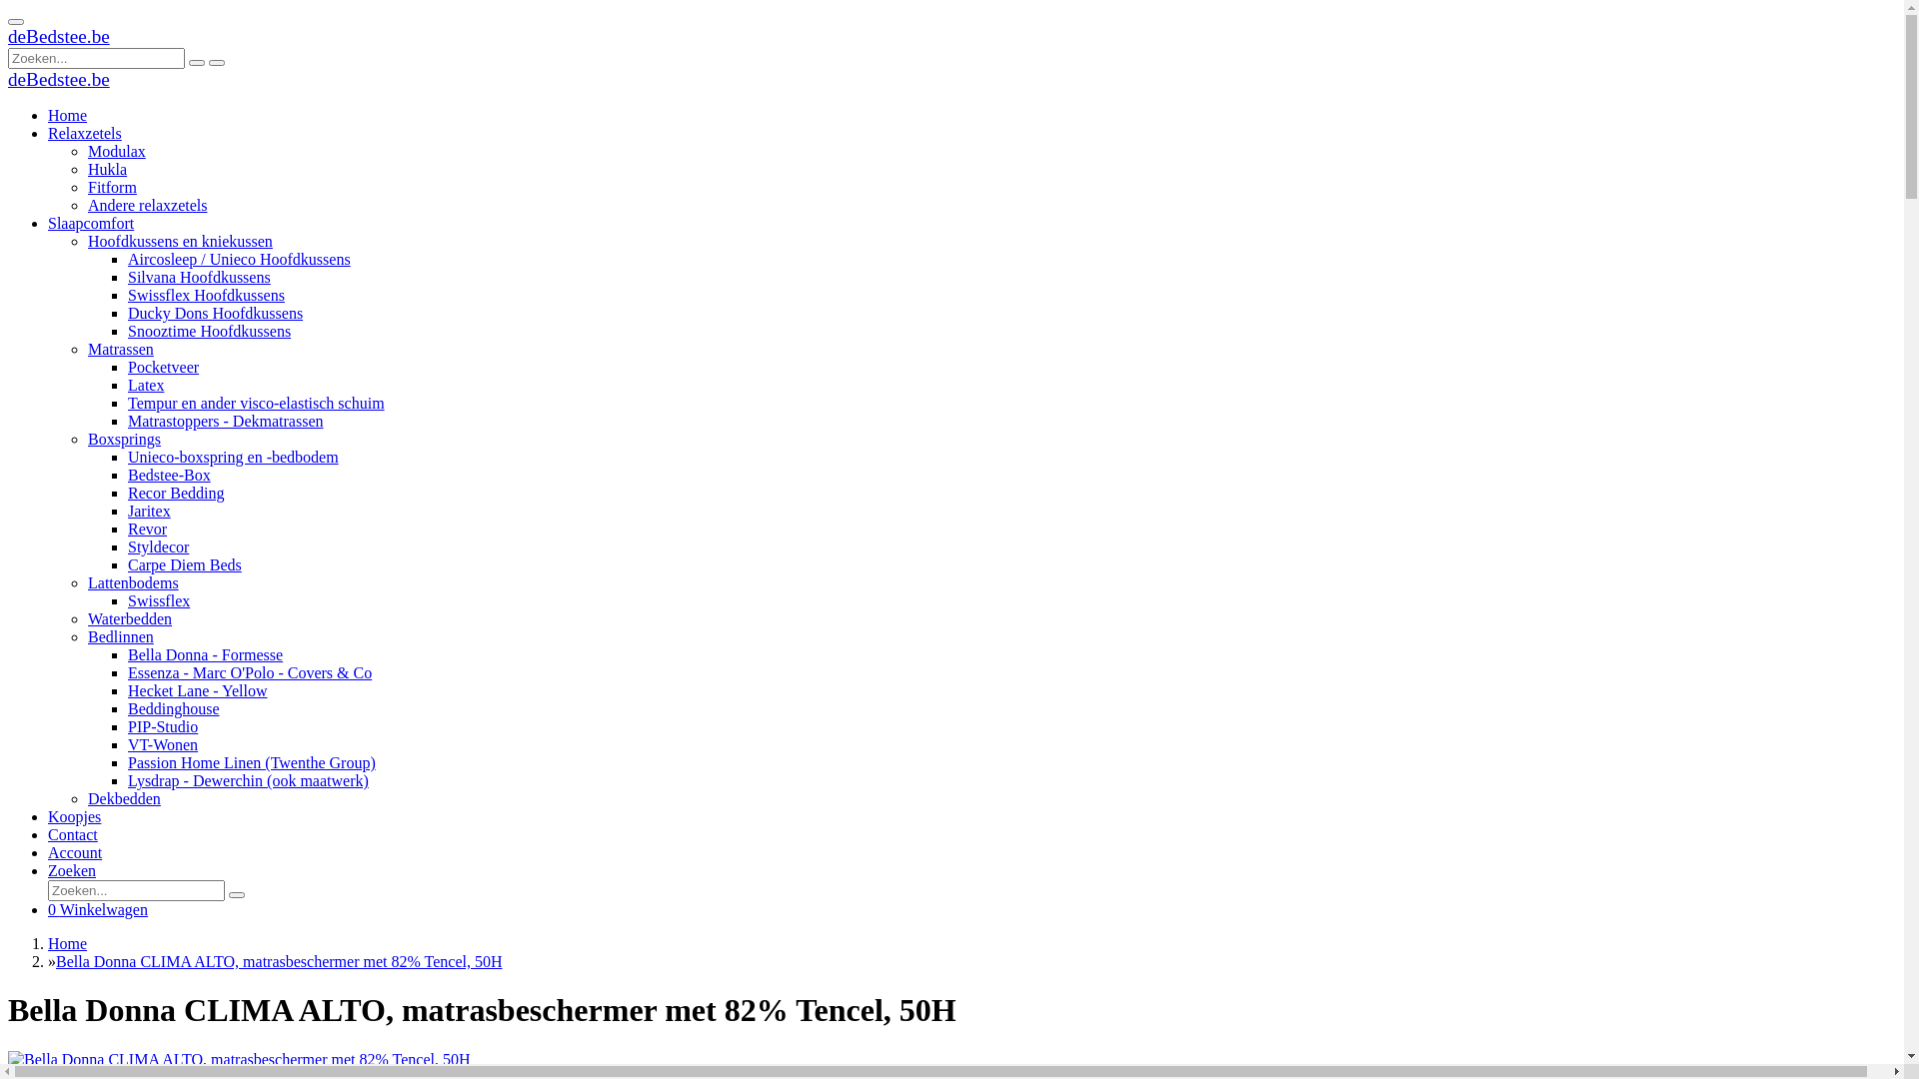 Image resolution: width=1919 pixels, height=1079 pixels. Describe the element at coordinates (58, 79) in the screenshot. I see `'deBedstee.be'` at that location.